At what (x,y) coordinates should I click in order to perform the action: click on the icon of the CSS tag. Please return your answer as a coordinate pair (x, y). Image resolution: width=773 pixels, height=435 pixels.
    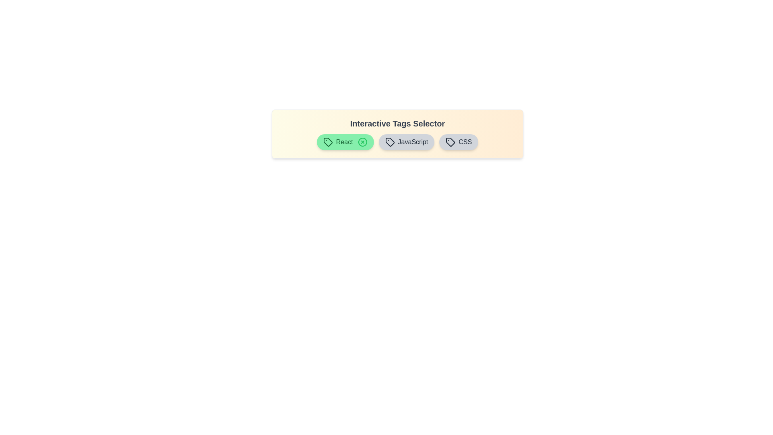
    Looking at the image, I should click on (465, 142).